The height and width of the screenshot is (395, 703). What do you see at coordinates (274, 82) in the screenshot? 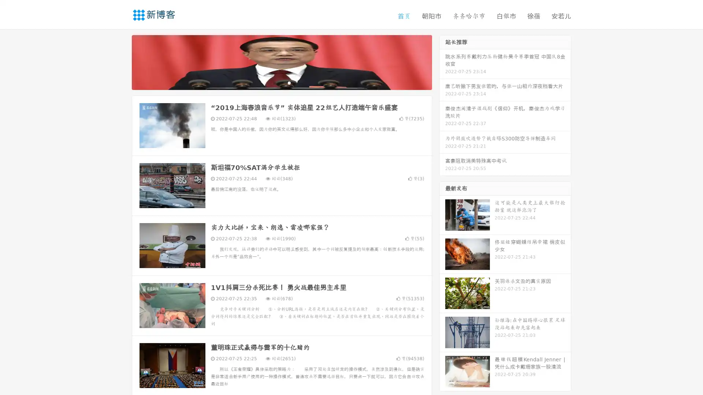
I see `Go to slide 1` at bounding box center [274, 82].